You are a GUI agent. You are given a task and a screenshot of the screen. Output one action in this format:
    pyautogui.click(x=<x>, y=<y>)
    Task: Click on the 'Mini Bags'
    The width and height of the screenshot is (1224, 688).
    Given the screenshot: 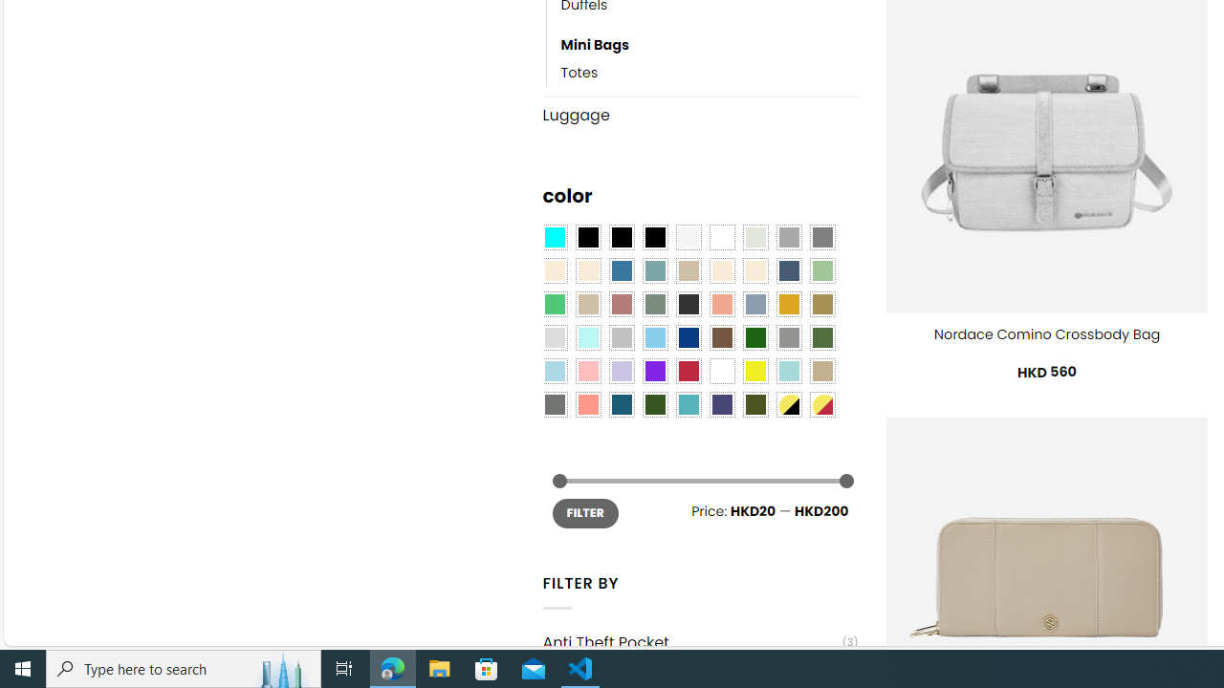 What is the action you would take?
    pyautogui.click(x=709, y=45)
    